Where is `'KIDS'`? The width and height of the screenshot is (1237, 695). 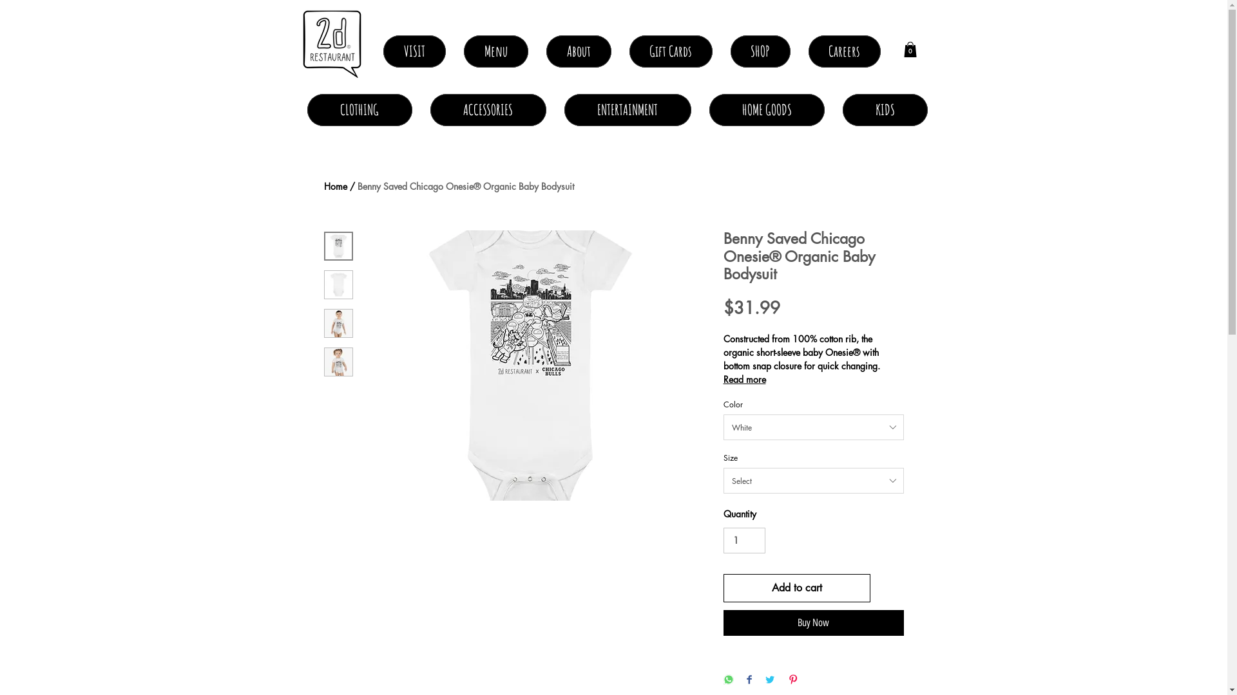
'KIDS' is located at coordinates (884, 109).